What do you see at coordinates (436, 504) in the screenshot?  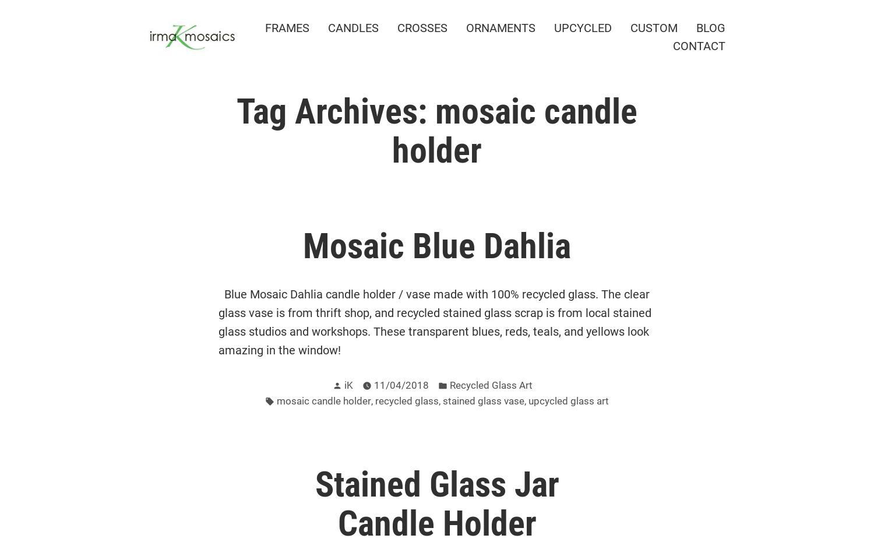 I see `'Stained Glass Jar Candle Holder'` at bounding box center [436, 504].